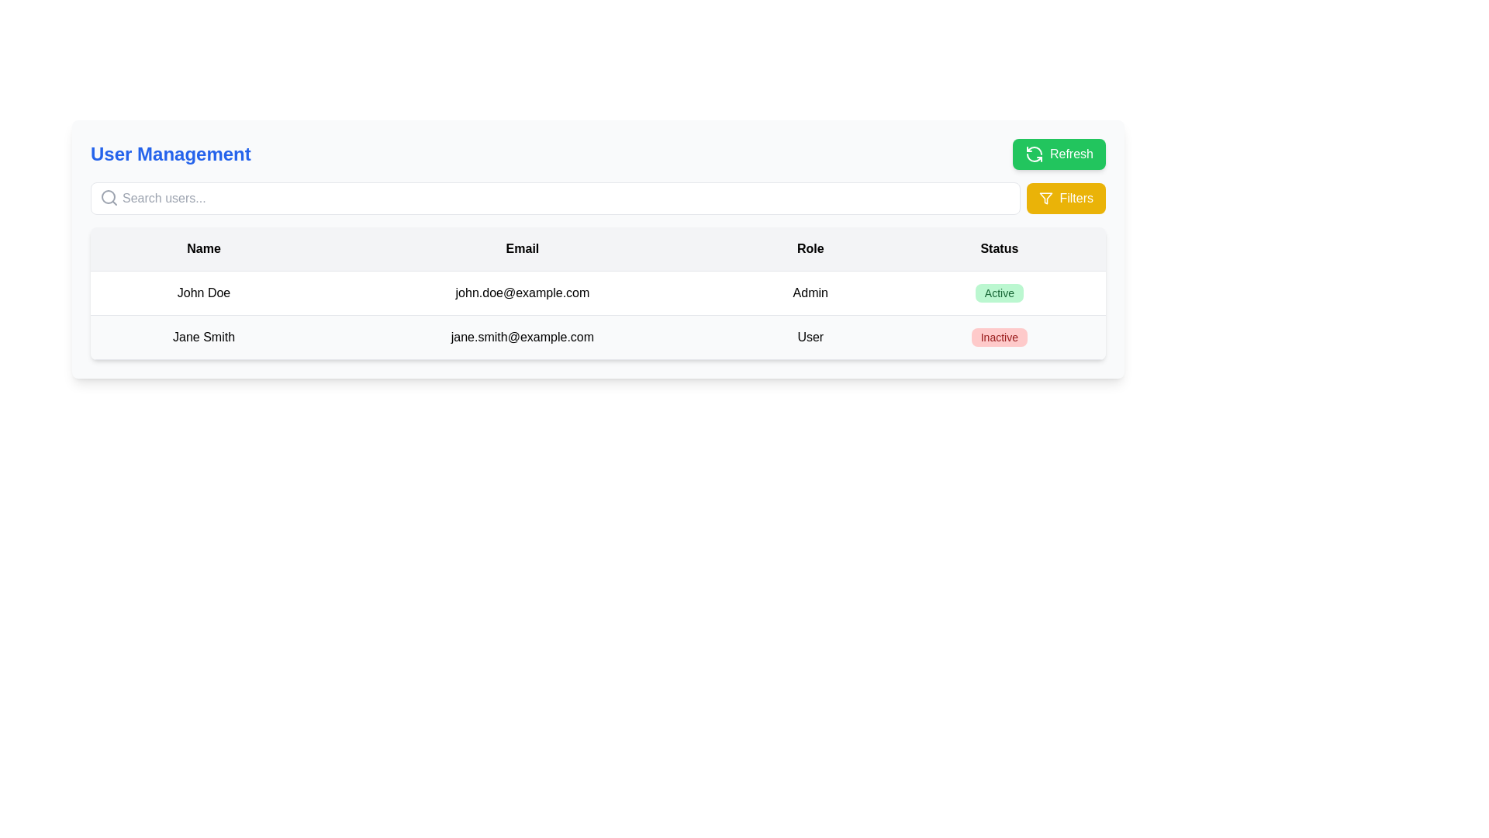 This screenshot has height=838, width=1489. What do you see at coordinates (1066, 197) in the screenshot?
I see `the yellow button labeled 'Filters' with a filter icon` at bounding box center [1066, 197].